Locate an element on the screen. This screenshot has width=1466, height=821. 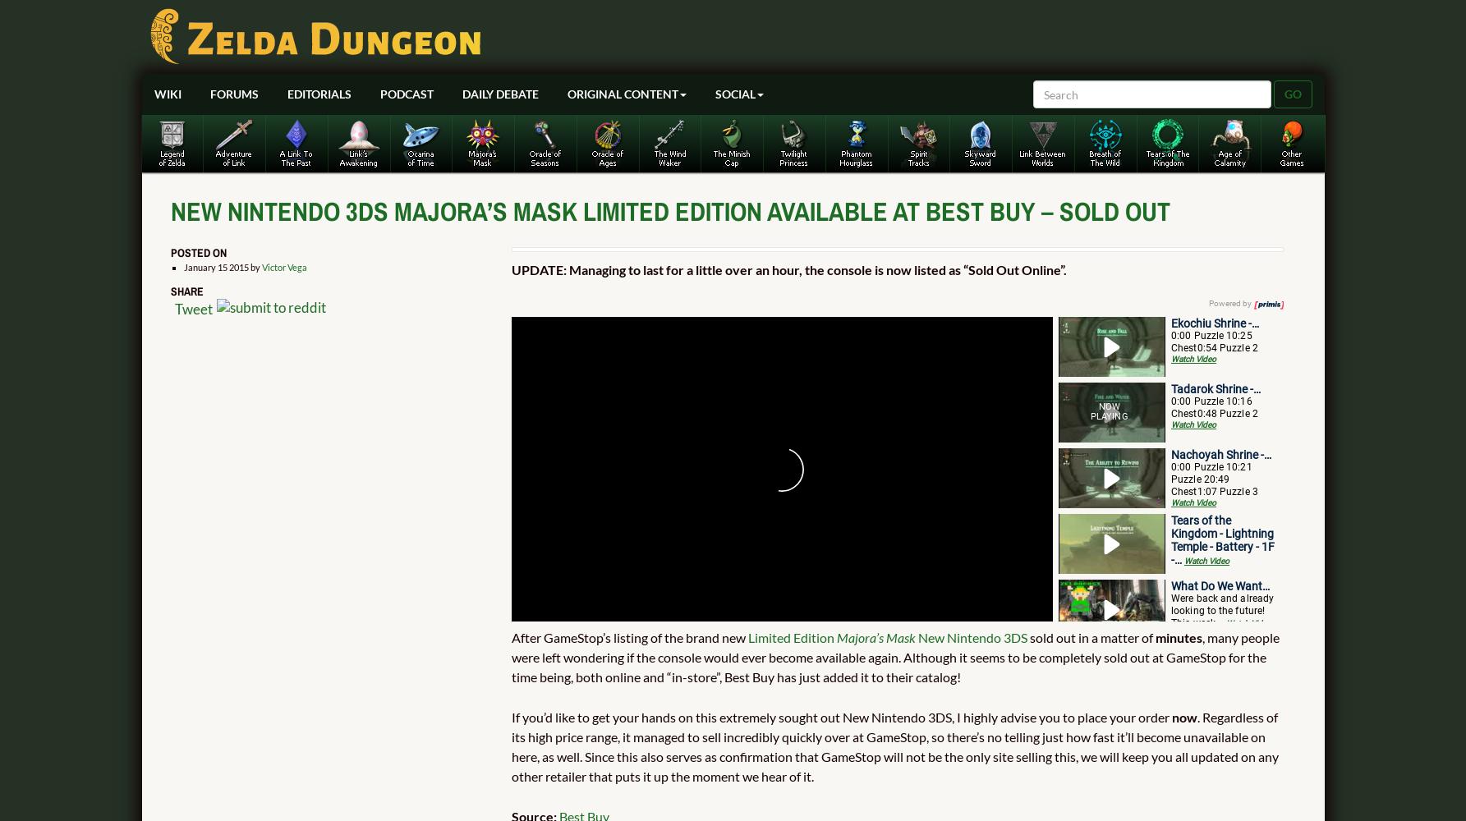
'Limited Edition' is located at coordinates (791, 637).